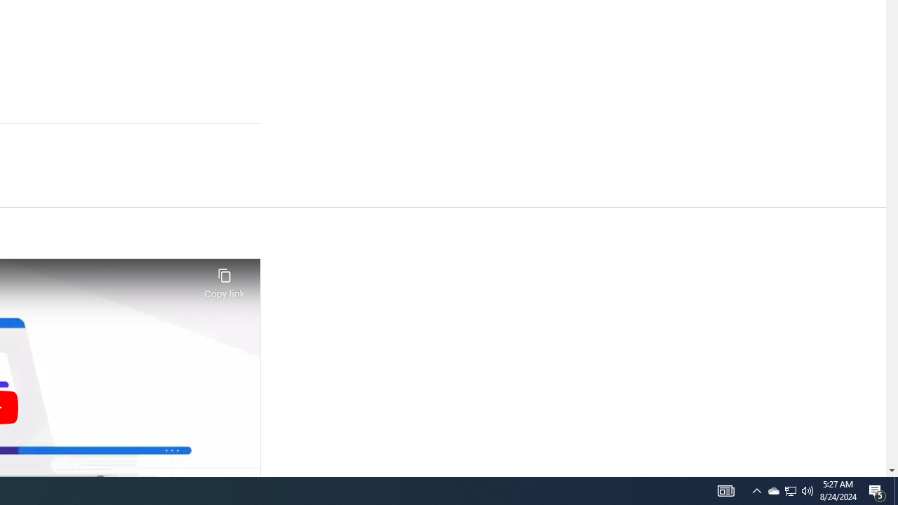  Describe the element at coordinates (224, 279) in the screenshot. I see `'Copy link'` at that location.